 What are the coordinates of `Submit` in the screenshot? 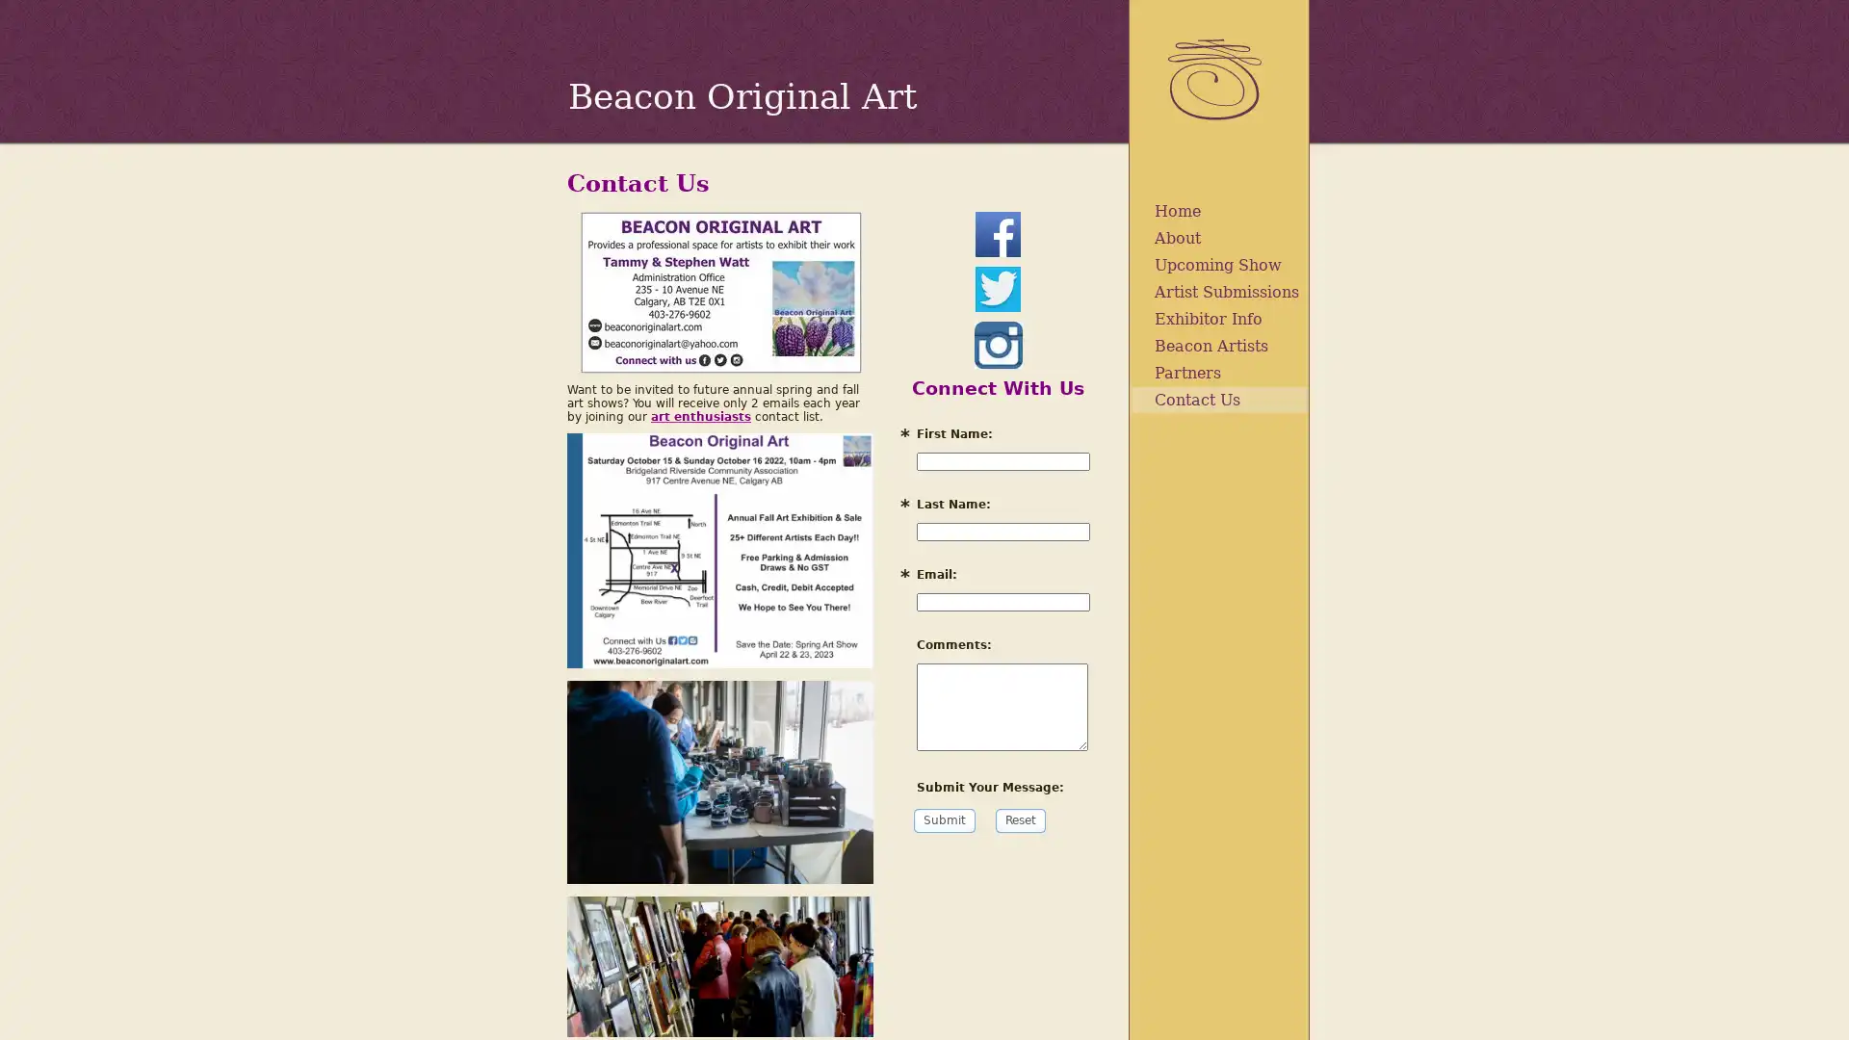 It's located at (944, 820).